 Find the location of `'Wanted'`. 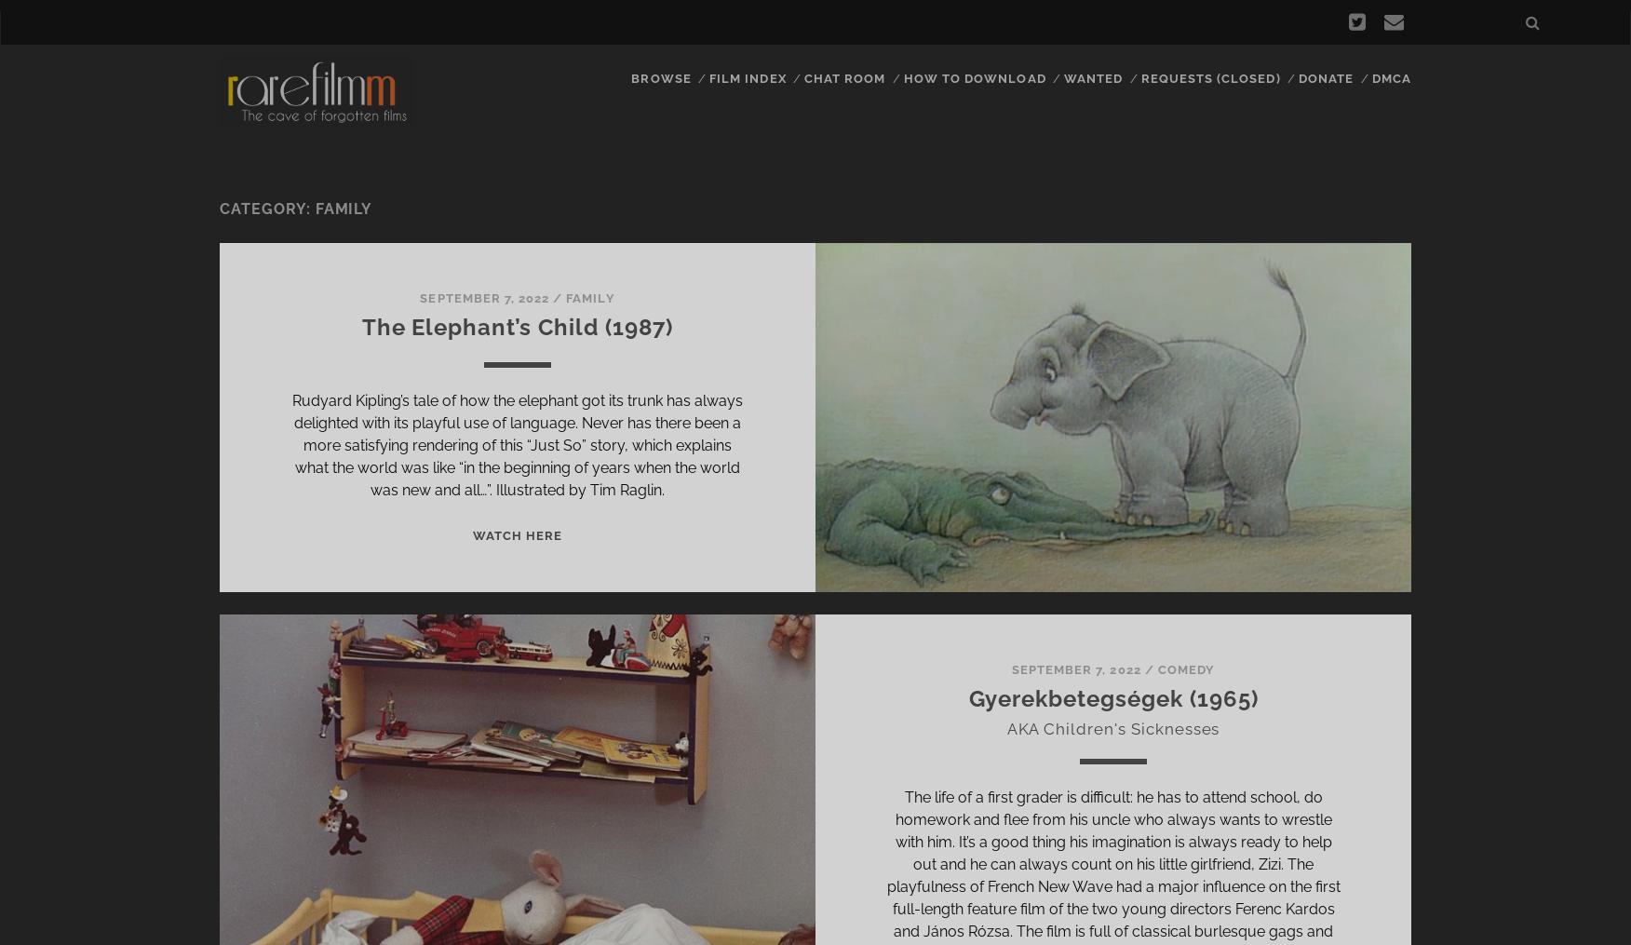

'Wanted' is located at coordinates (1093, 78).